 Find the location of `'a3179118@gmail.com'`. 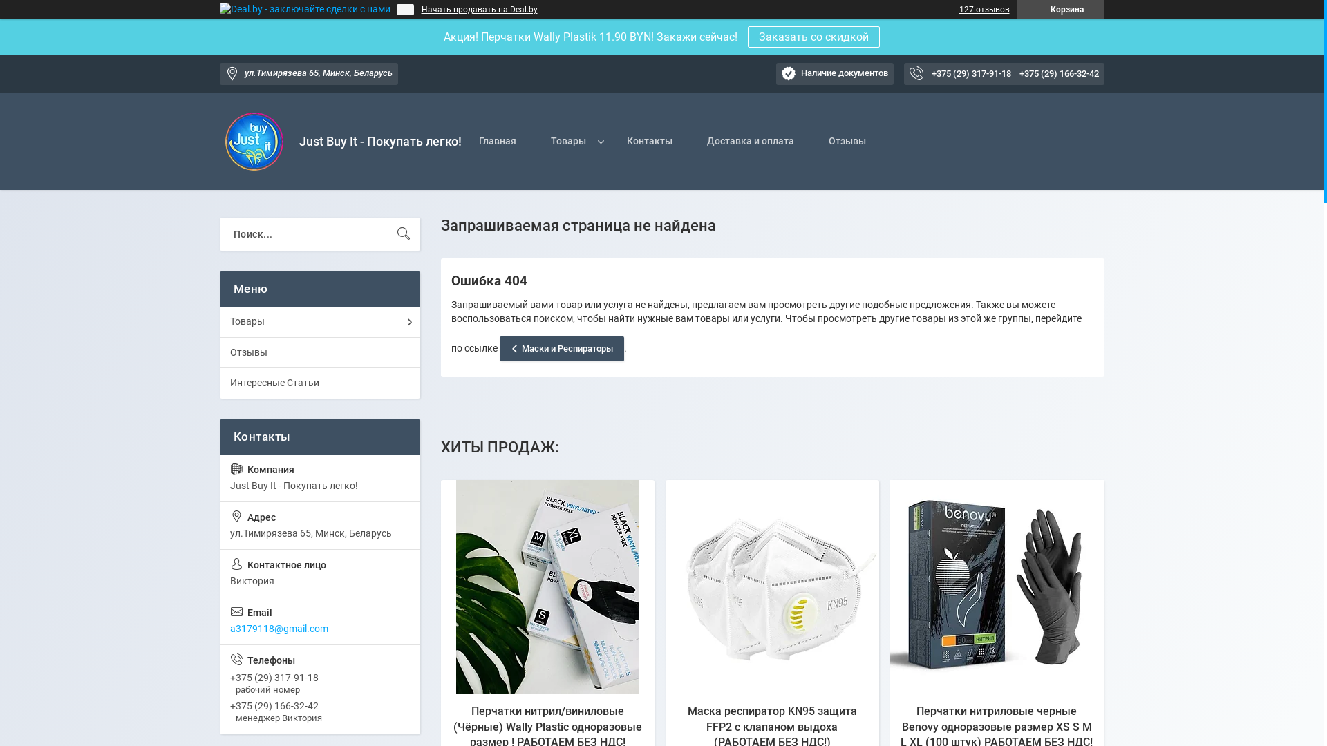

'a3179118@gmail.com' is located at coordinates (319, 620).